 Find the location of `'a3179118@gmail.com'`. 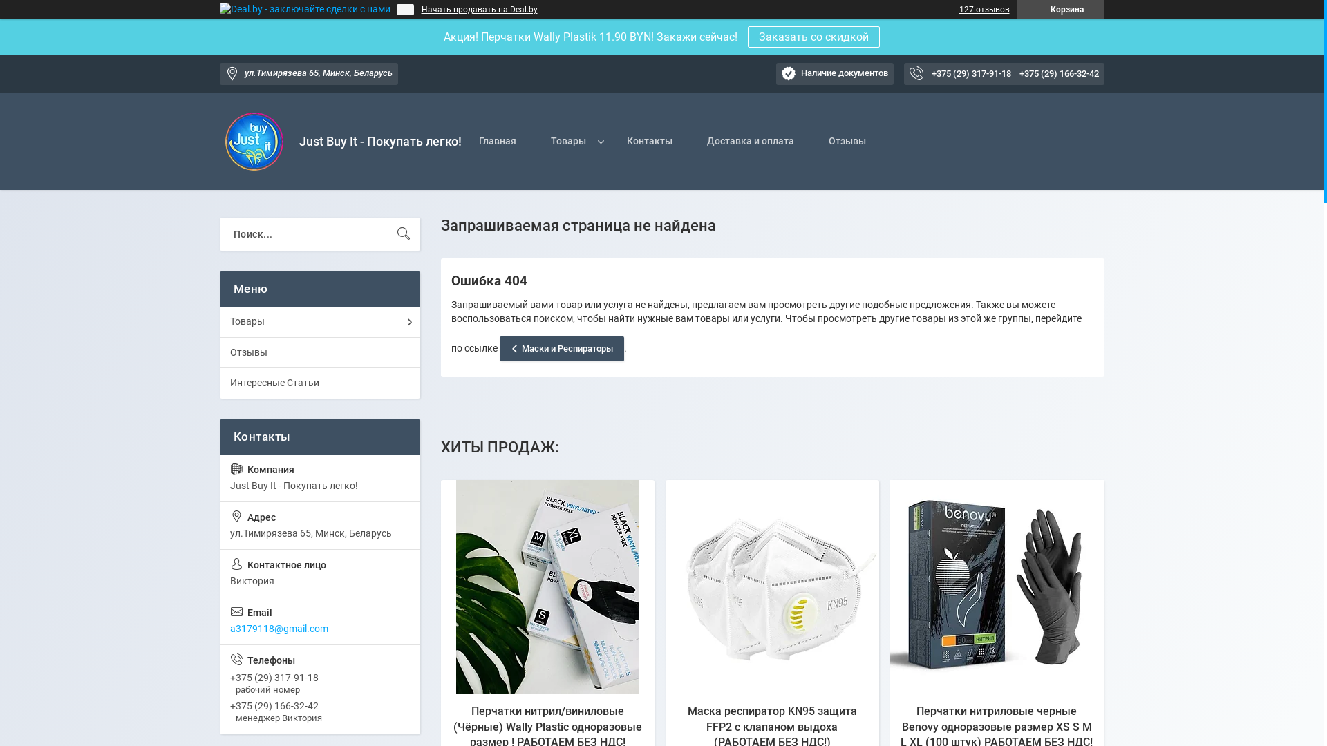

'a3179118@gmail.com' is located at coordinates (319, 620).